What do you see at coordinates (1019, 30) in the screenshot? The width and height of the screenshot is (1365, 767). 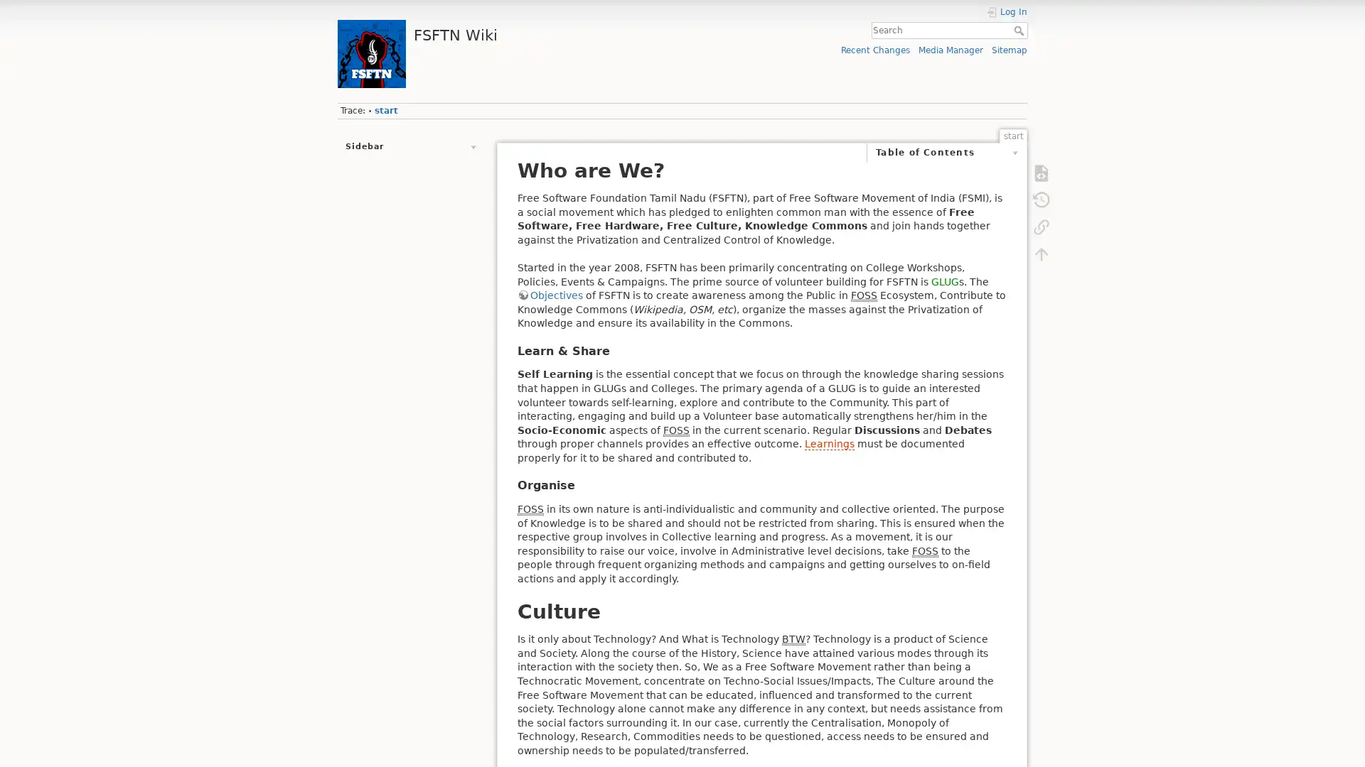 I see `Search` at bounding box center [1019, 30].